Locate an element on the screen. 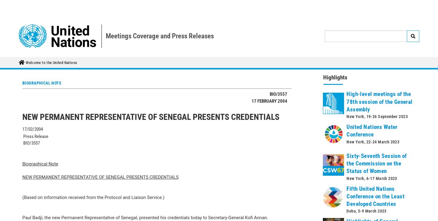 The width and height of the screenshot is (438, 221). 'New York, 22-24 March 2023' is located at coordinates (373, 84).